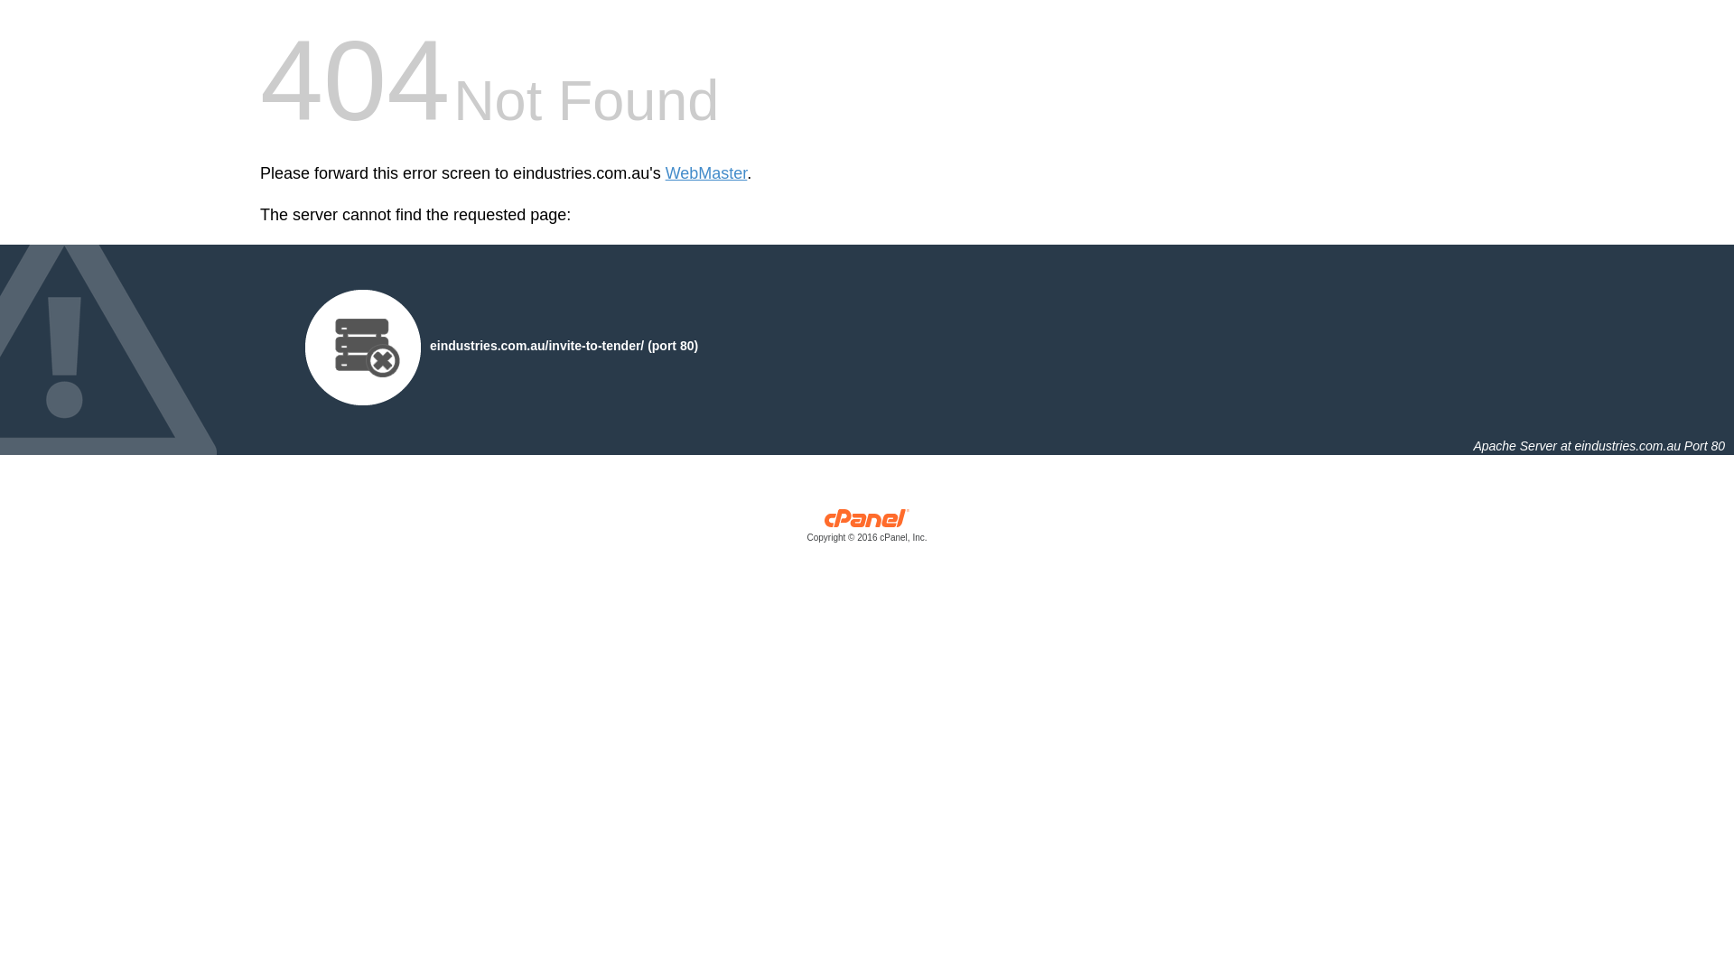 Image resolution: width=1734 pixels, height=975 pixels. What do you see at coordinates (705, 173) in the screenshot?
I see `'WebMaster'` at bounding box center [705, 173].